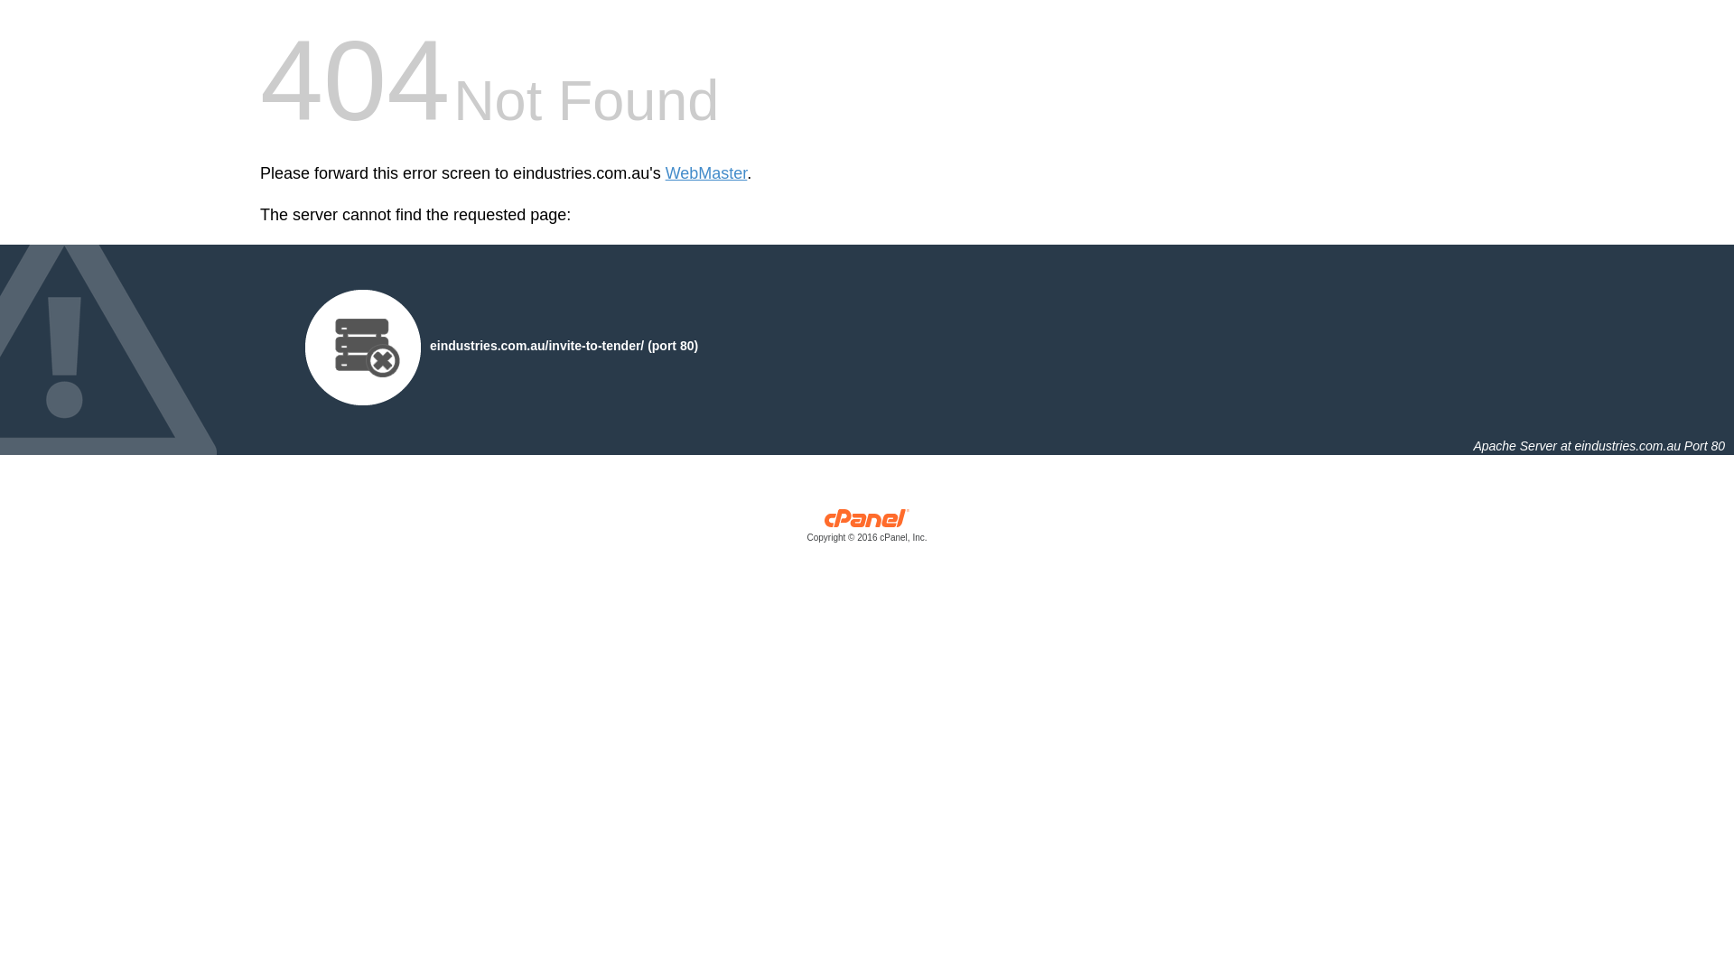 Image resolution: width=1734 pixels, height=975 pixels. What do you see at coordinates (705, 173) in the screenshot?
I see `'WebMaster'` at bounding box center [705, 173].